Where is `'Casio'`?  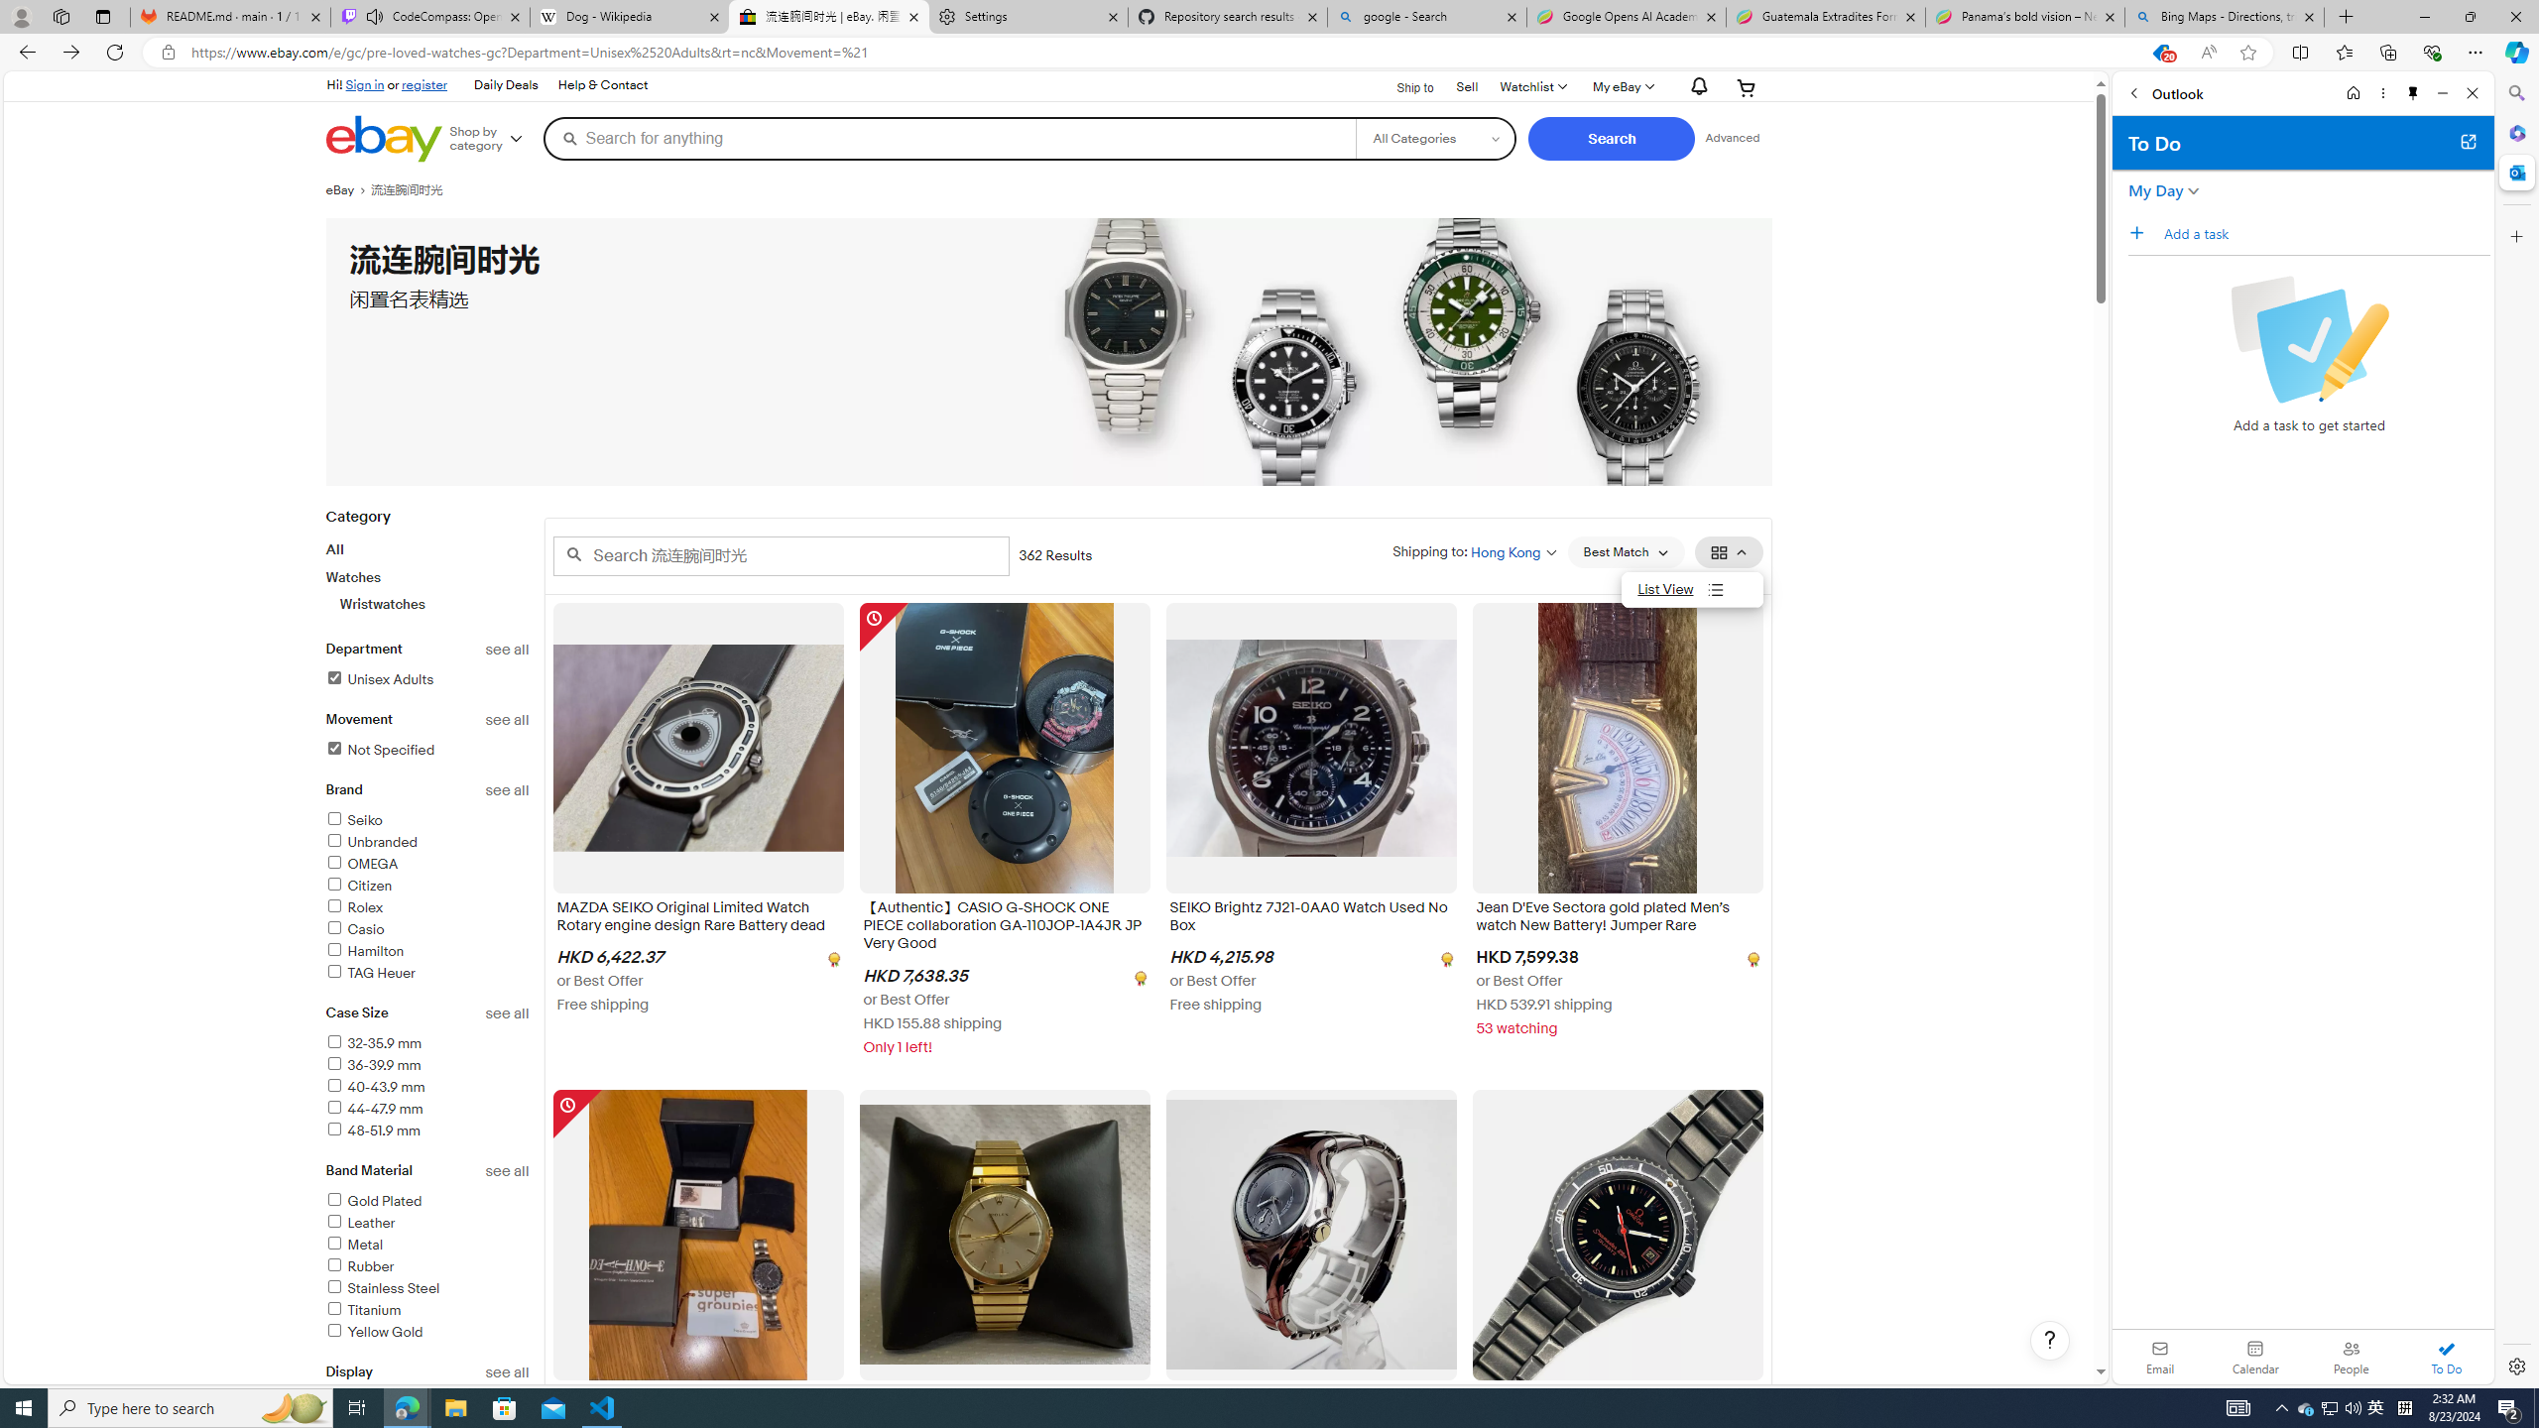
'Casio' is located at coordinates (427, 930).